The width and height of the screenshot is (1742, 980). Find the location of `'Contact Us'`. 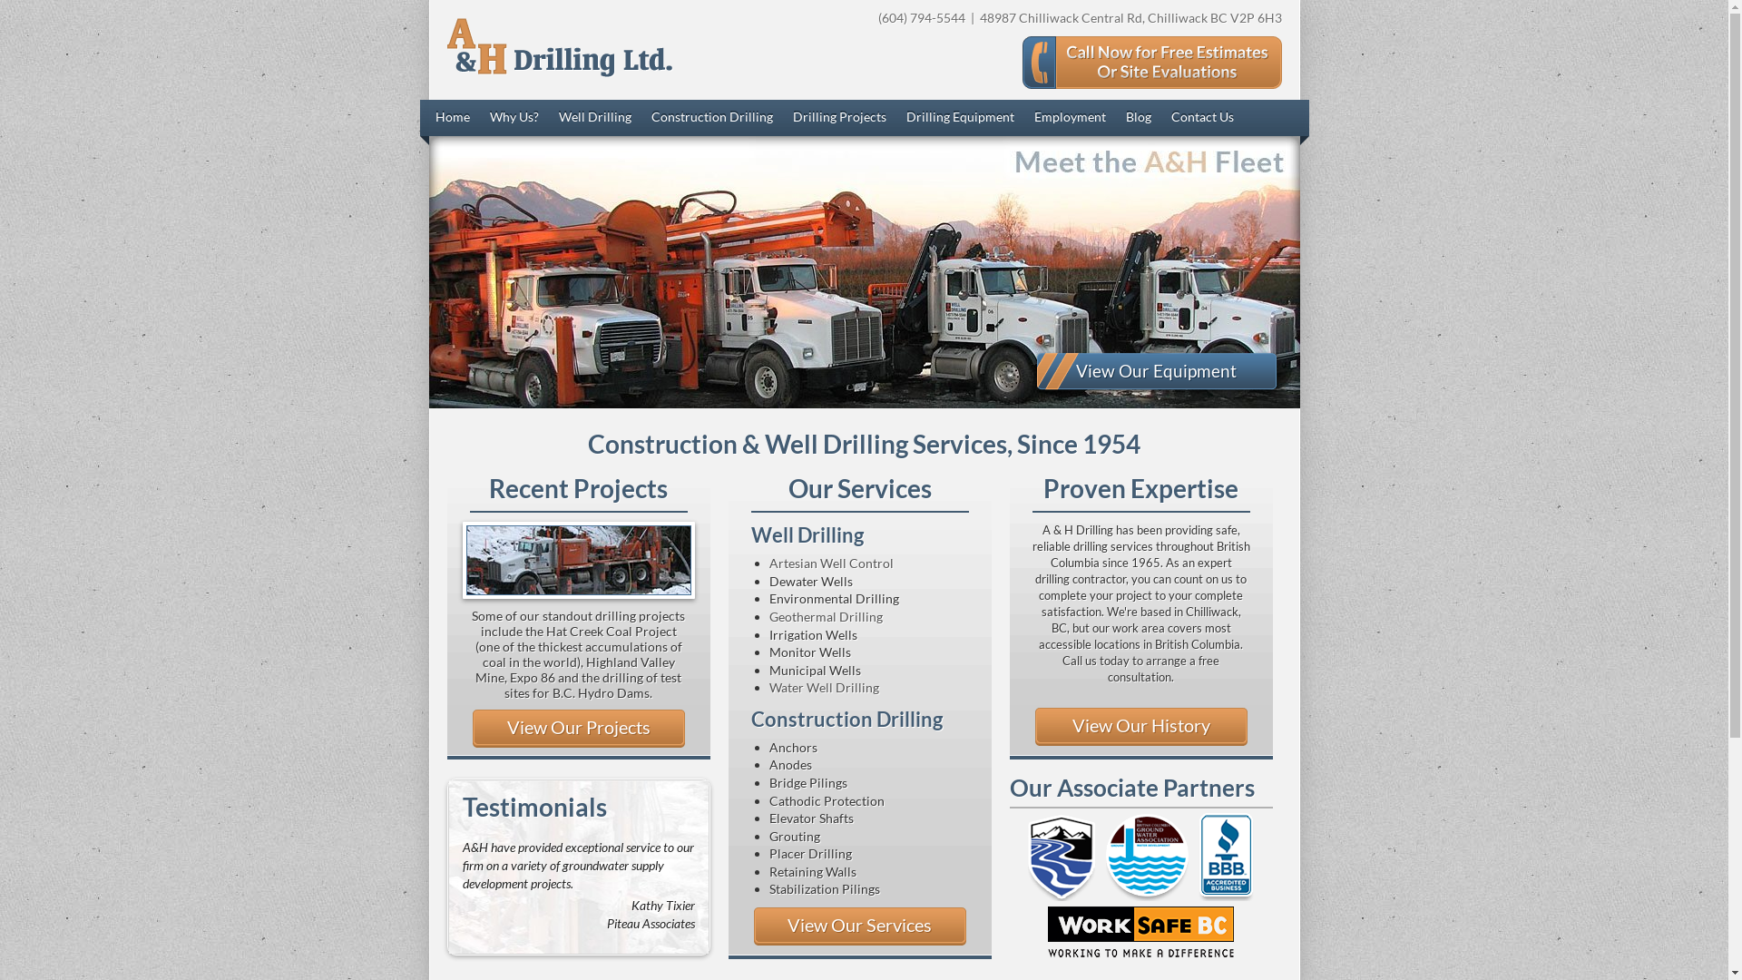

'Contact Us' is located at coordinates (1201, 118).